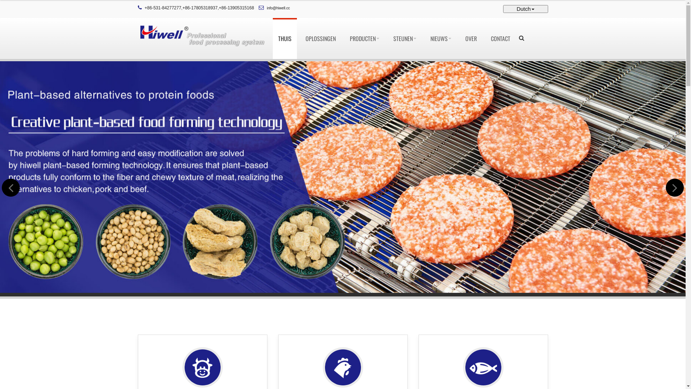 Image resolution: width=691 pixels, height=389 pixels. Describe the element at coordinates (388, 39) in the screenshot. I see `'STEUNEN'` at that location.